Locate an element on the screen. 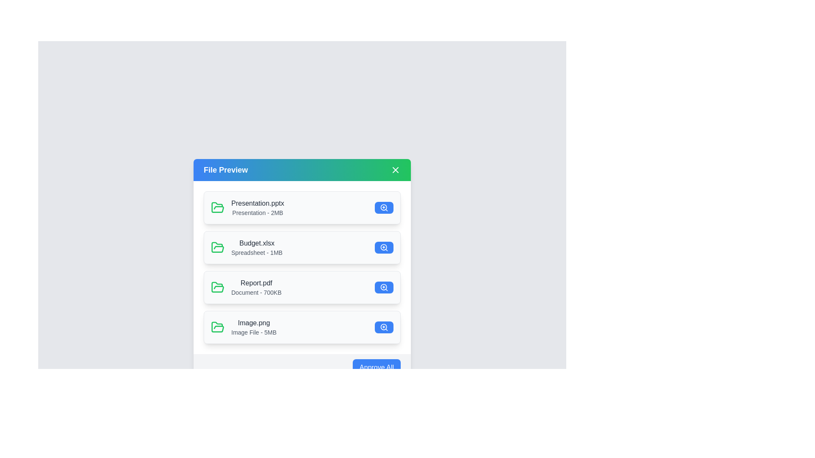  the close button in the top-right corner of the dialog is located at coordinates (395, 170).